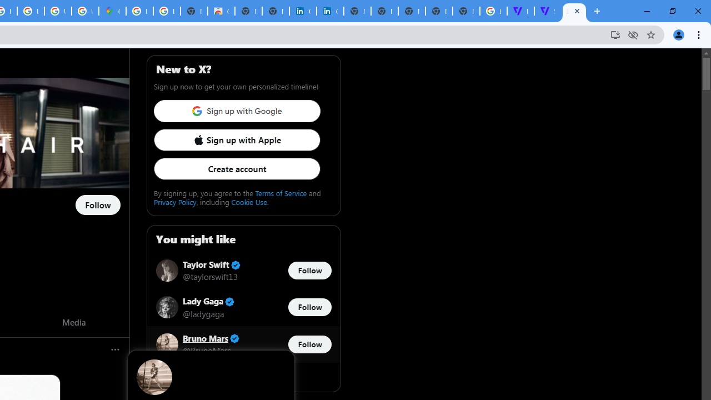 The height and width of the screenshot is (400, 711). I want to click on 'Verified account', so click(234, 338).